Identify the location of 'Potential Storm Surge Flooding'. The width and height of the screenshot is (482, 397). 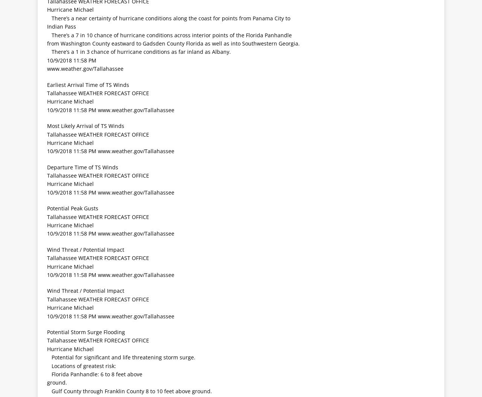
(86, 331).